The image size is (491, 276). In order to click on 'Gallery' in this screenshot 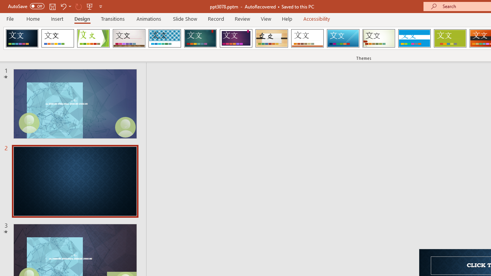, I will do `click(129, 38)`.